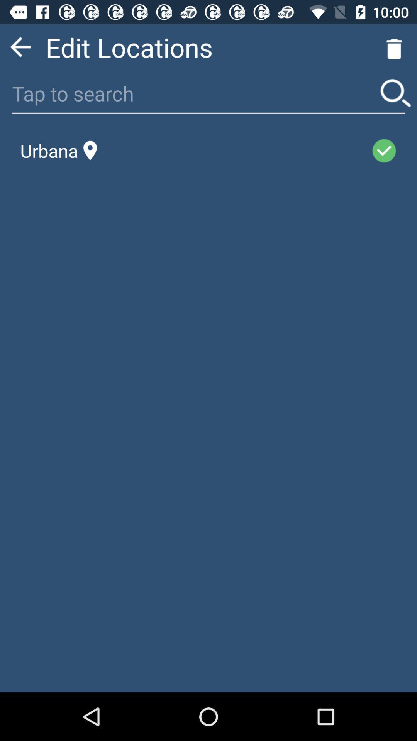 The height and width of the screenshot is (741, 417). What do you see at coordinates (395, 93) in the screenshot?
I see `search` at bounding box center [395, 93].